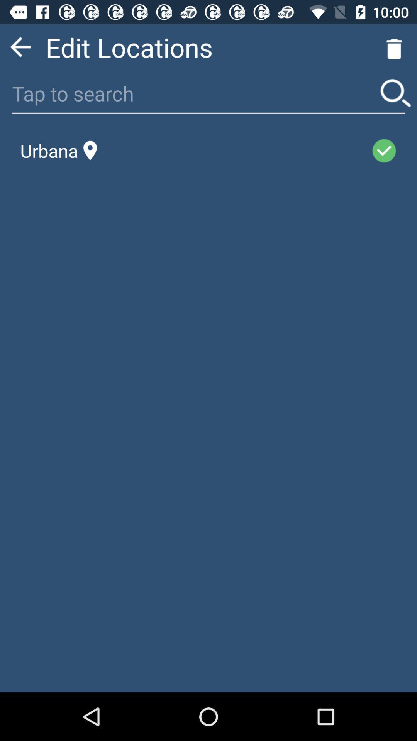 The height and width of the screenshot is (741, 417). What do you see at coordinates (395, 93) in the screenshot?
I see `search` at bounding box center [395, 93].